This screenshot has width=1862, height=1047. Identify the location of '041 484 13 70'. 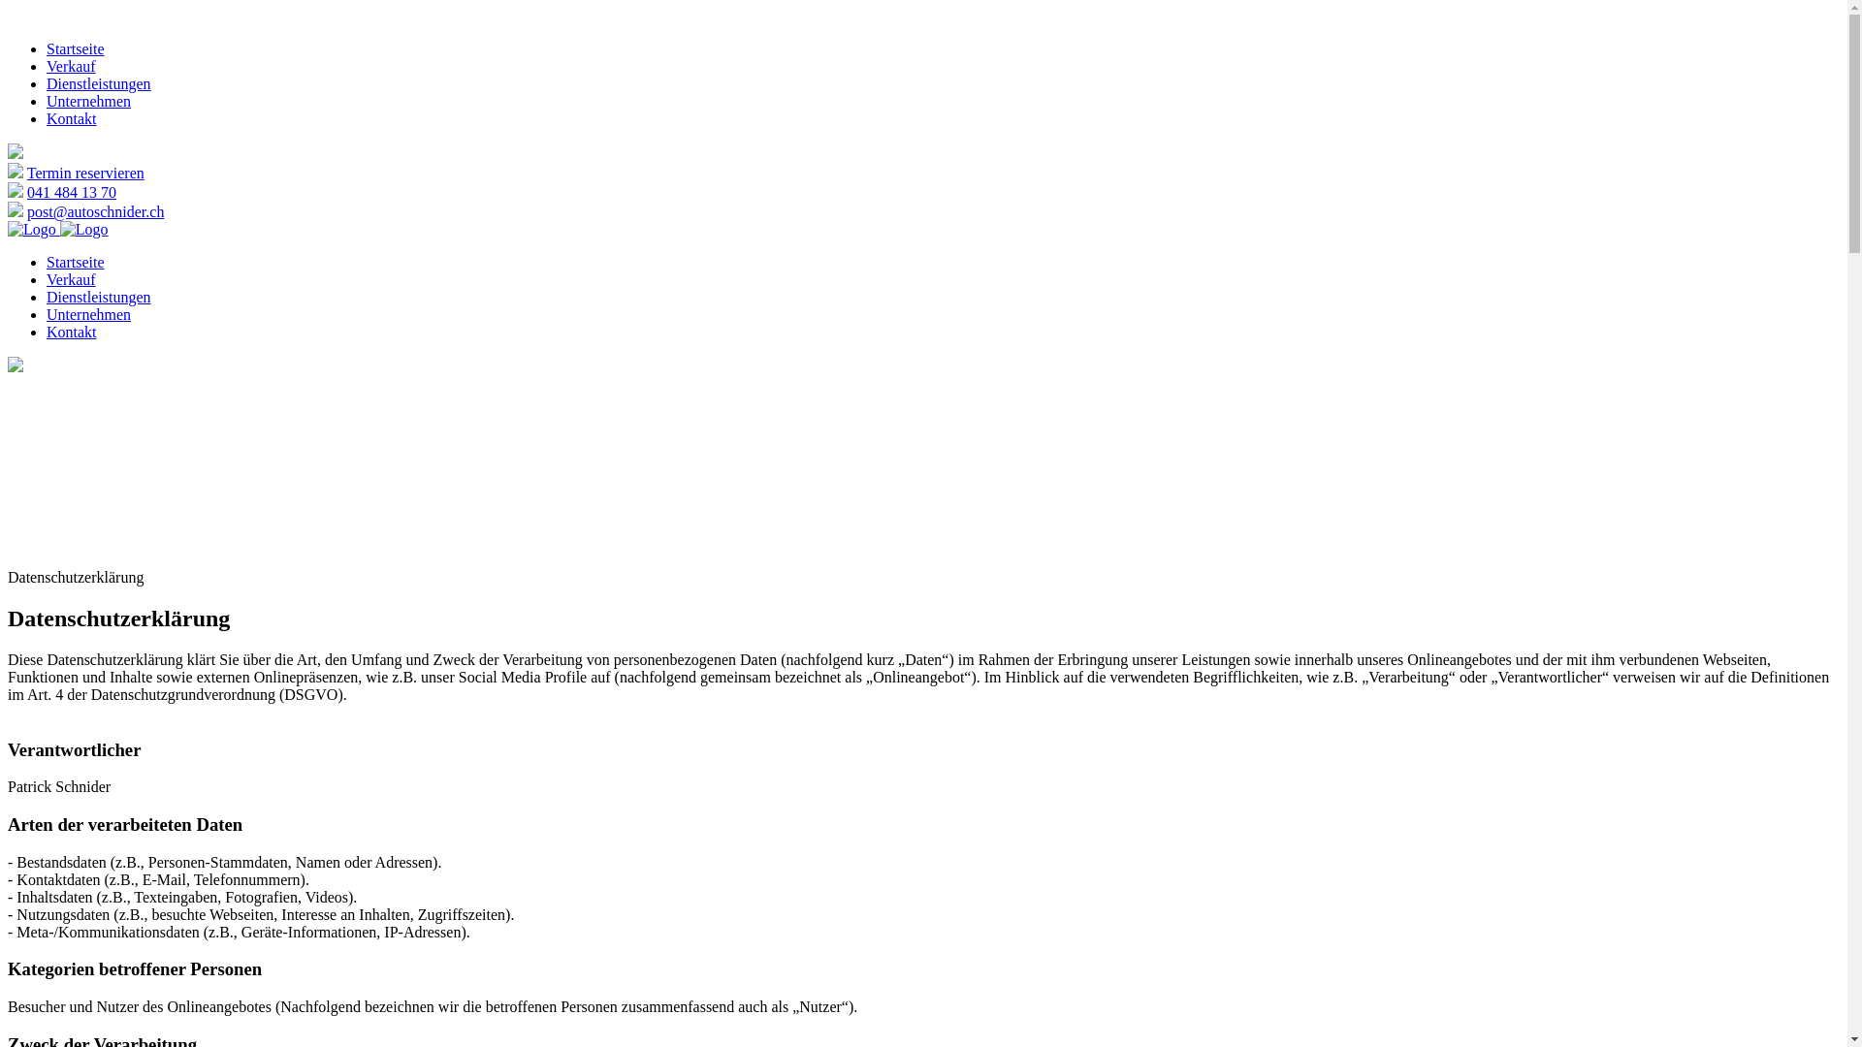
(71, 192).